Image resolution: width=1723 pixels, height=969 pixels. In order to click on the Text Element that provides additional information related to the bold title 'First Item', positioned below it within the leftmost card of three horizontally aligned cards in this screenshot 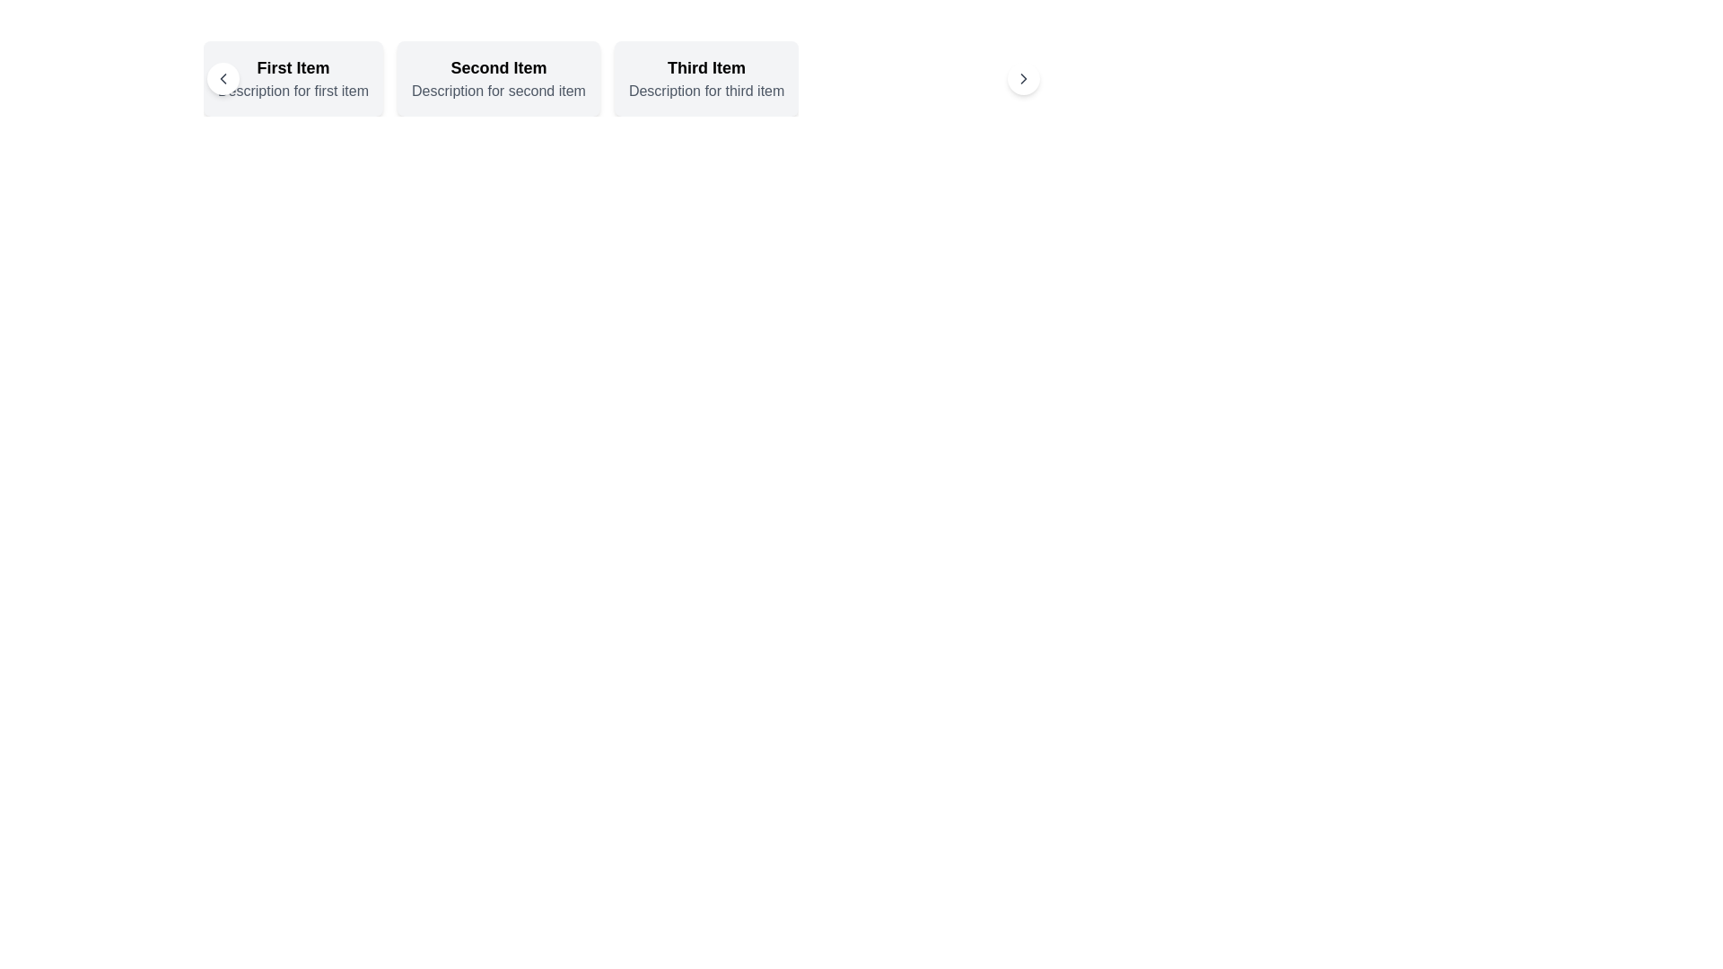, I will do `click(293, 91)`.